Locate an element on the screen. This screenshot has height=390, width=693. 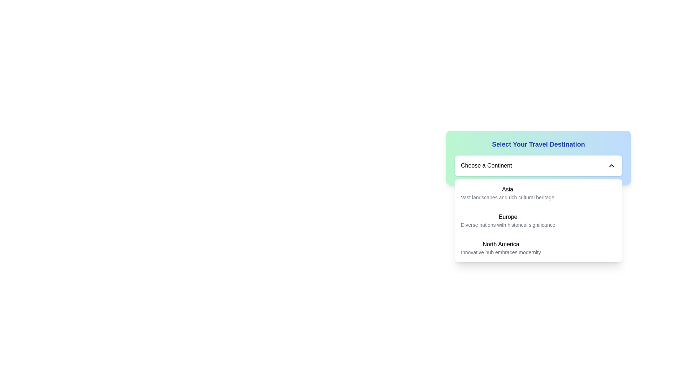
the selectable dropdown option item displaying 'North America' with the descriptive text 'Innovative hub embraces modernity' is located at coordinates (539, 247).